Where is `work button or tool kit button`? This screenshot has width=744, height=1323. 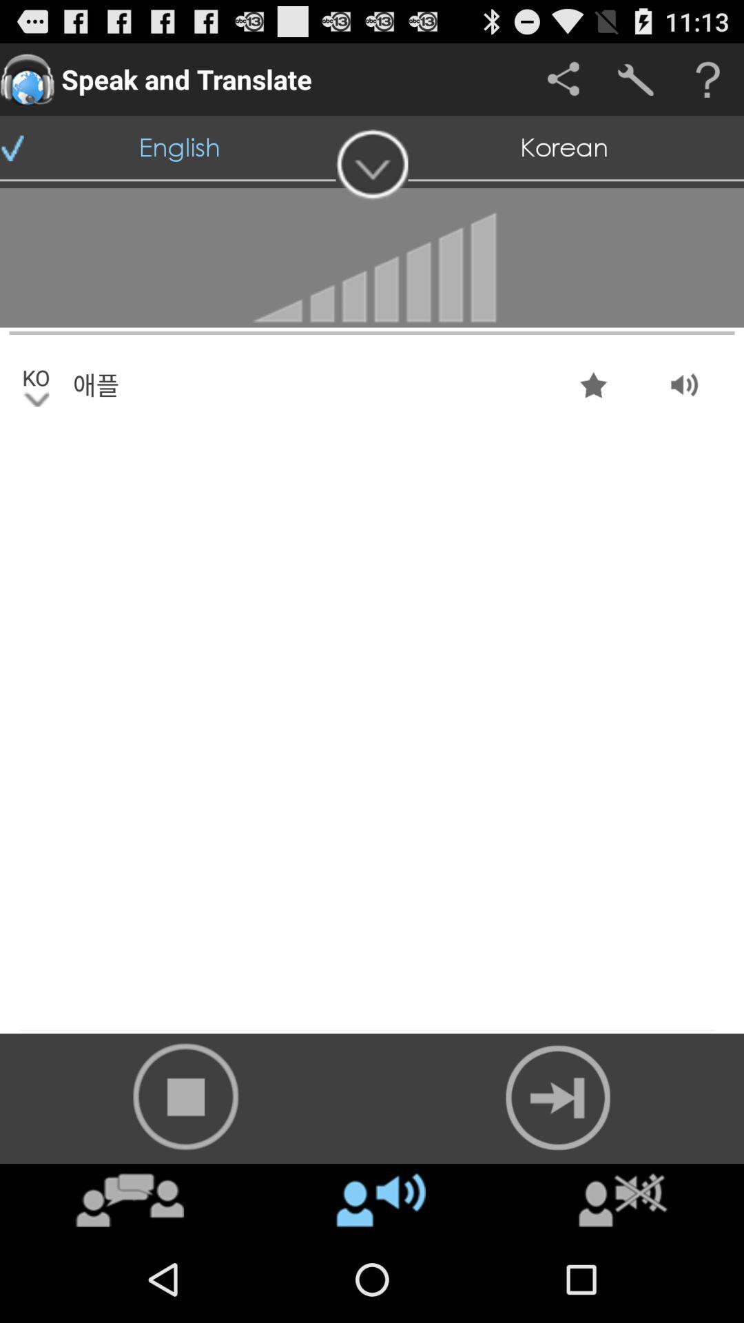 work button or tool kit button is located at coordinates (635, 79).